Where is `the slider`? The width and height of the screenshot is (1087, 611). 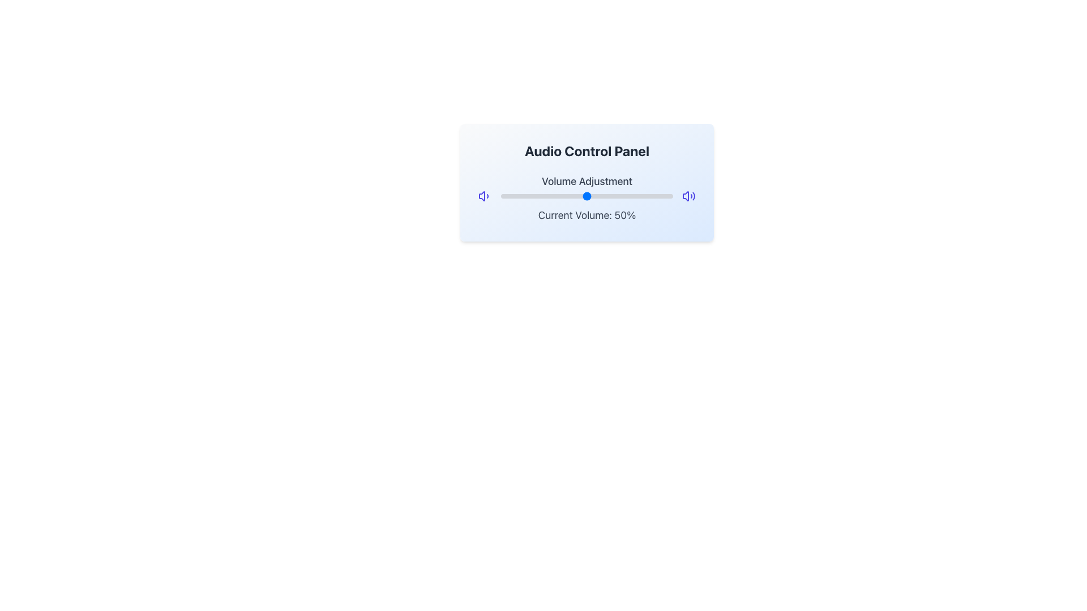
the slider is located at coordinates (561, 196).